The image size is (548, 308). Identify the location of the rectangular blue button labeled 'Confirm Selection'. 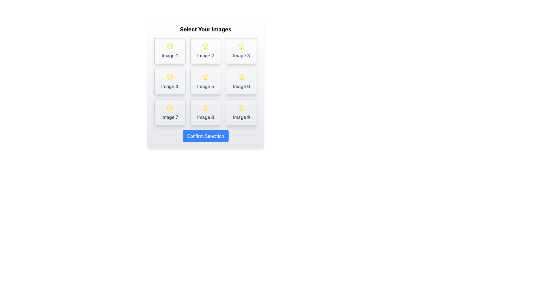
(205, 136).